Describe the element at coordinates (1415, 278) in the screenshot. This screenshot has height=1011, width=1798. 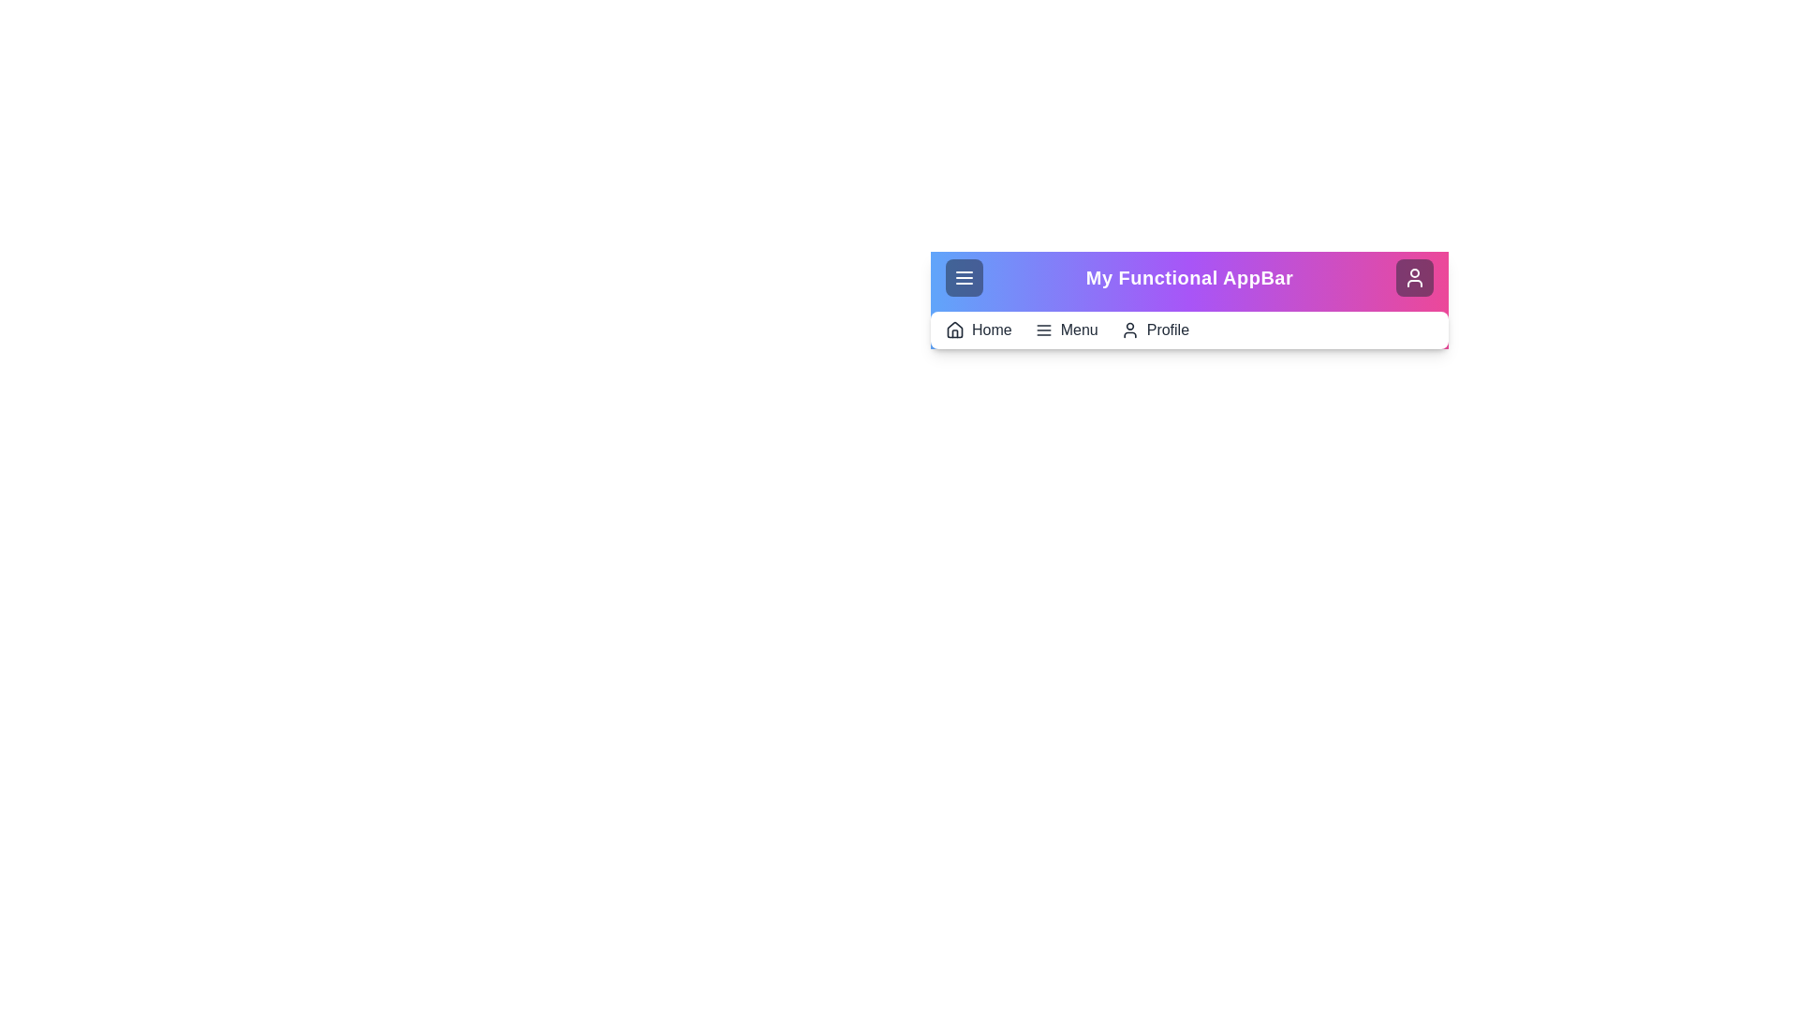
I see `the Profile button to navigate to the Profile section` at that location.